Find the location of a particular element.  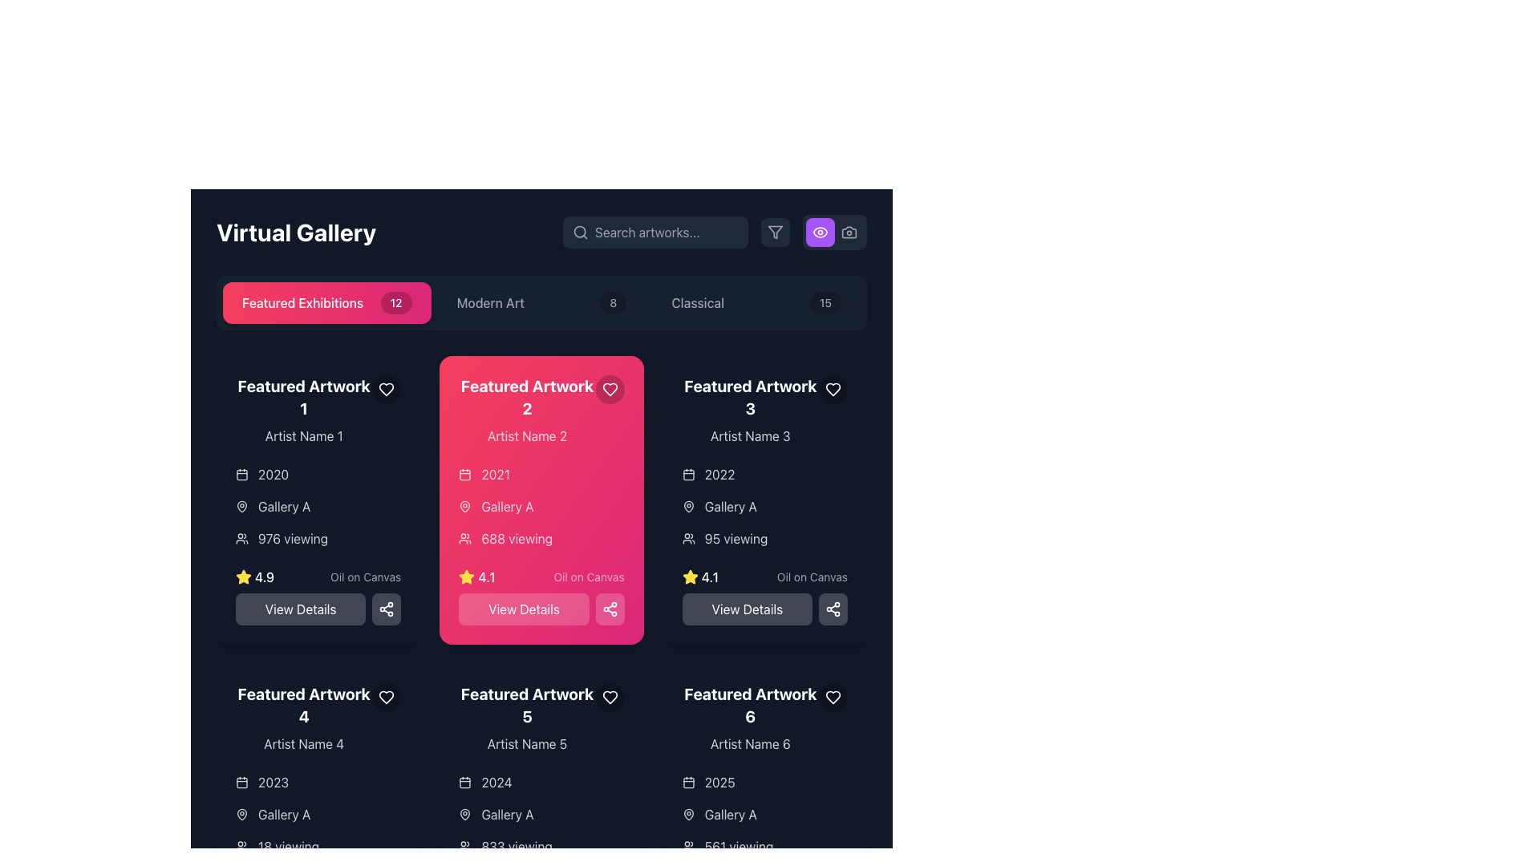

the icon indicating user engagement statistics, located to the left of the '95 viewing' text is located at coordinates (688, 538).